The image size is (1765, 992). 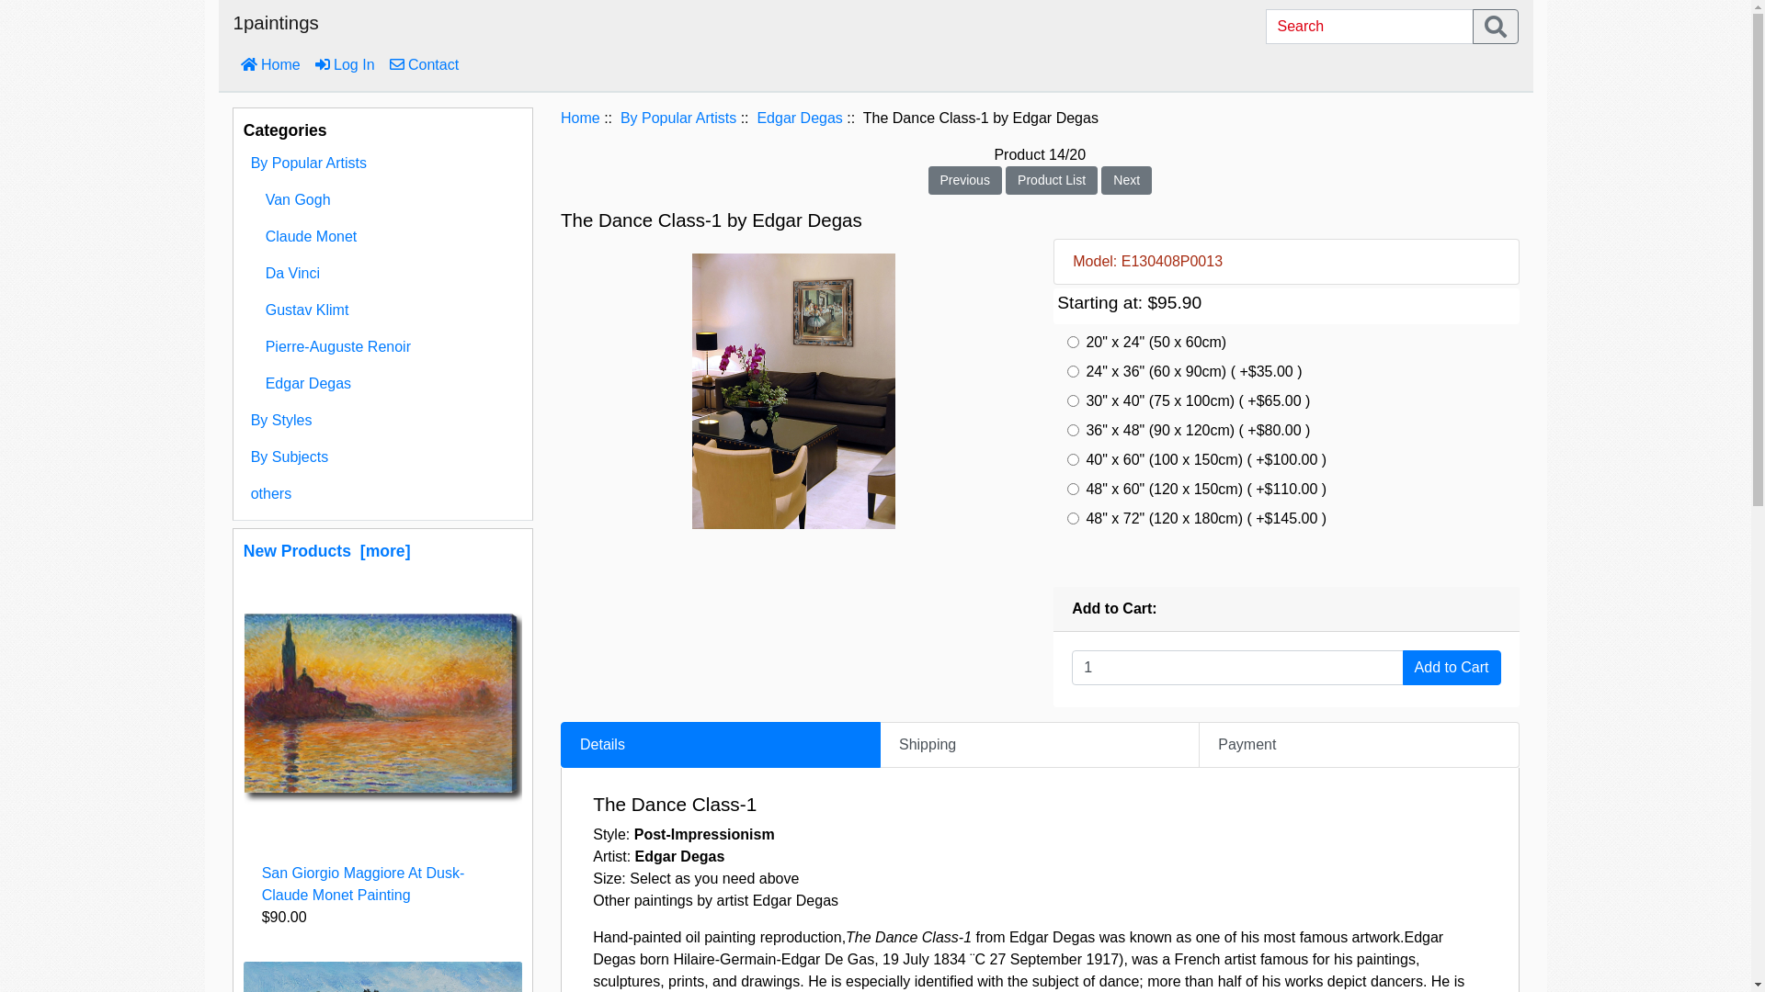 What do you see at coordinates (345, 63) in the screenshot?
I see `'Log In'` at bounding box center [345, 63].